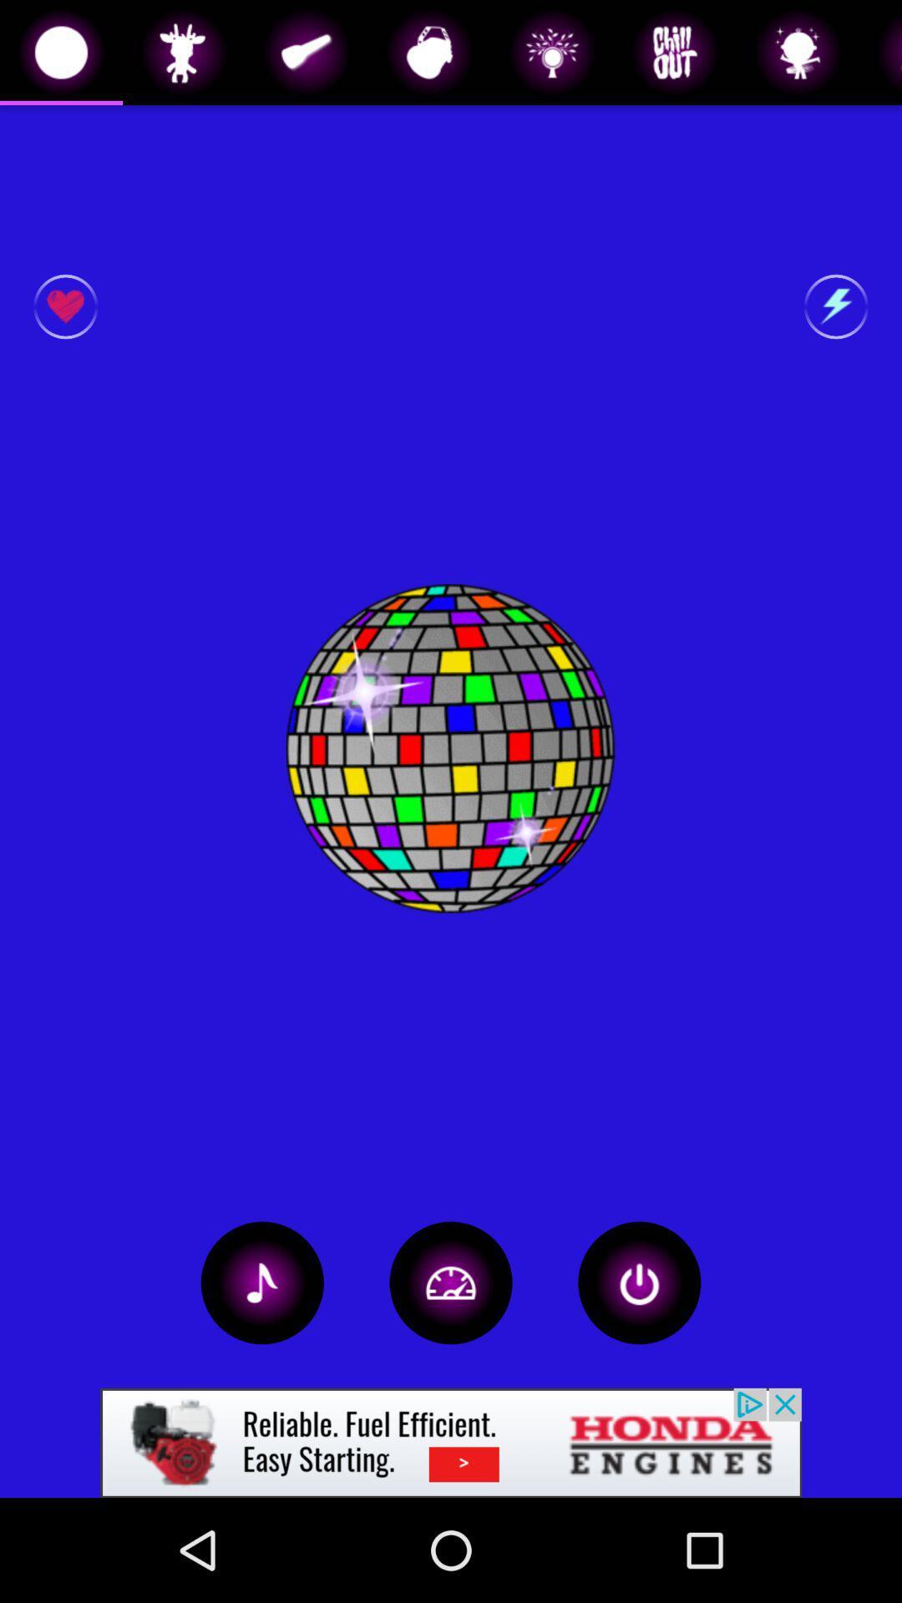  Describe the element at coordinates (451, 1282) in the screenshot. I see `the chat icon` at that location.